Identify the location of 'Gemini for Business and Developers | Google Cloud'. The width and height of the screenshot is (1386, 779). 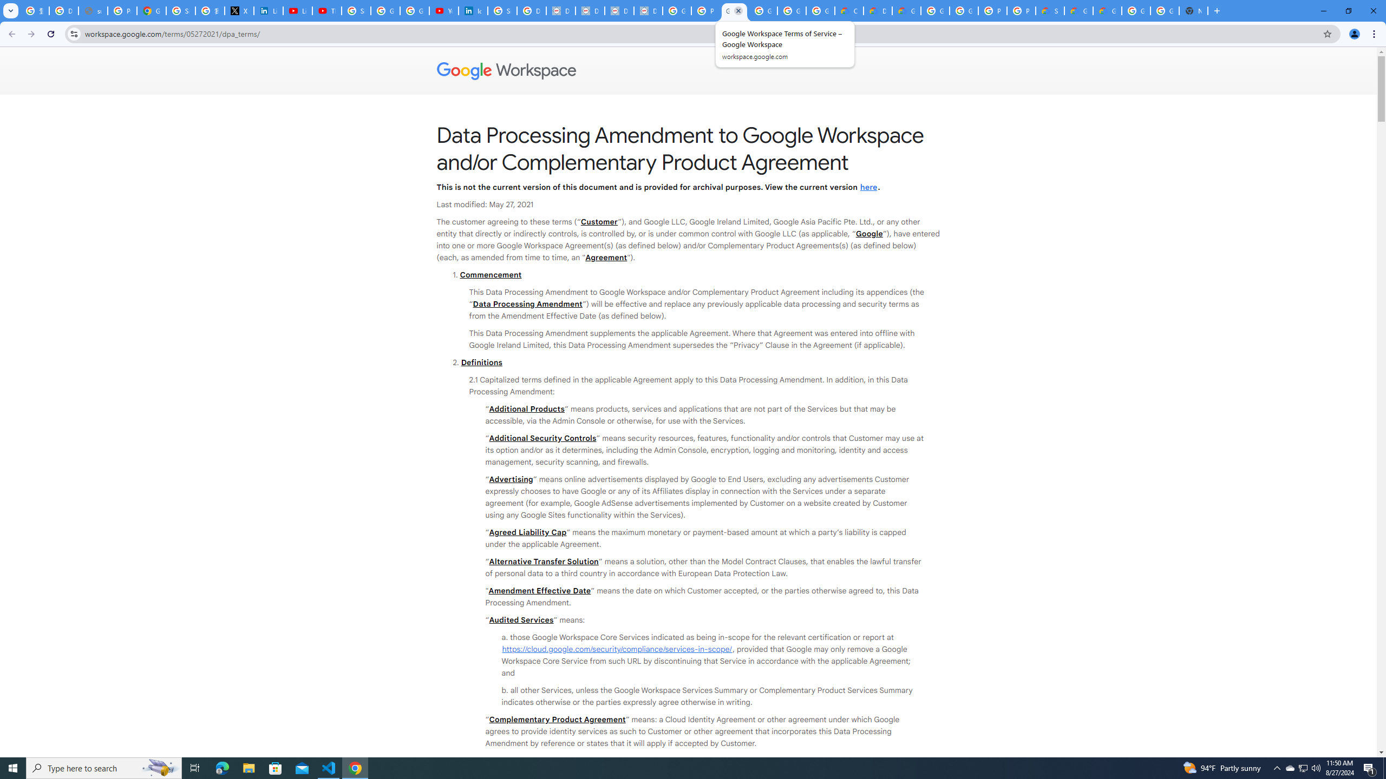
(906, 10).